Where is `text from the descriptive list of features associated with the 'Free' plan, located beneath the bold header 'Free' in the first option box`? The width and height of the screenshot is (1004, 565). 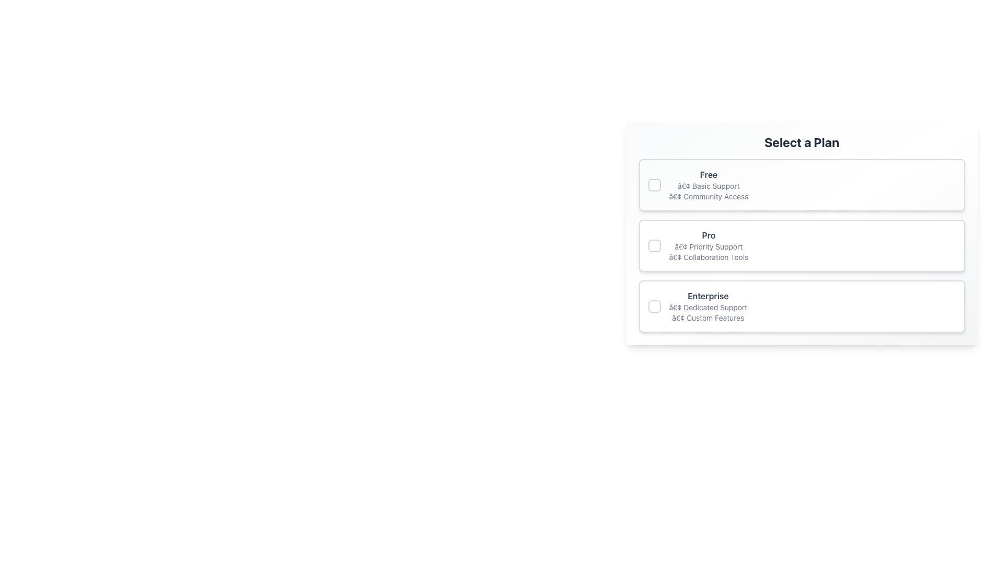 text from the descriptive list of features associated with the 'Free' plan, located beneath the bold header 'Free' in the first option box is located at coordinates (709, 191).